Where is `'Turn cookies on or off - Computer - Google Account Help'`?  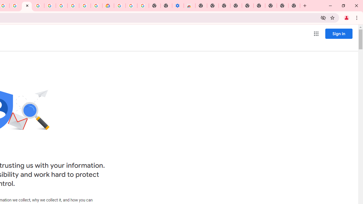 'Turn cookies on or off - Computer - Google Account Help' is located at coordinates (143, 6).